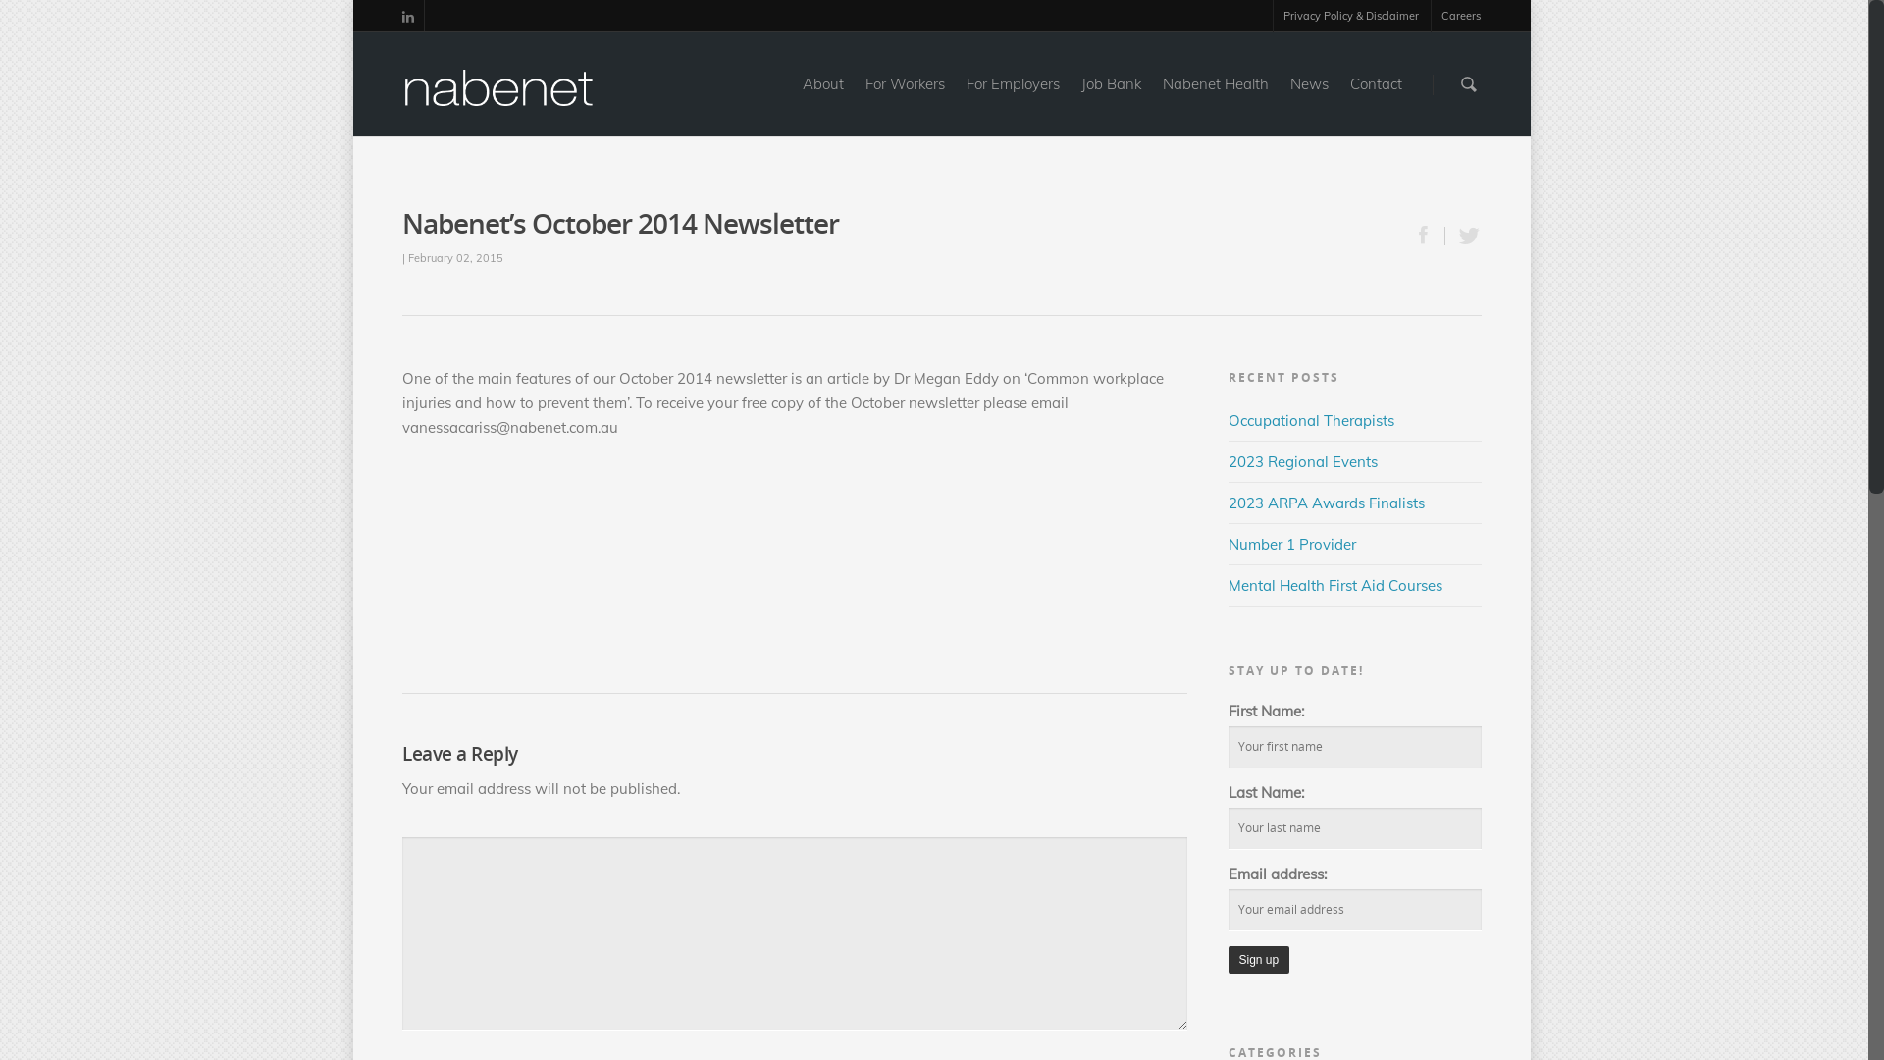  Describe the element at coordinates (1426, 235) in the screenshot. I see `'Share this'` at that location.